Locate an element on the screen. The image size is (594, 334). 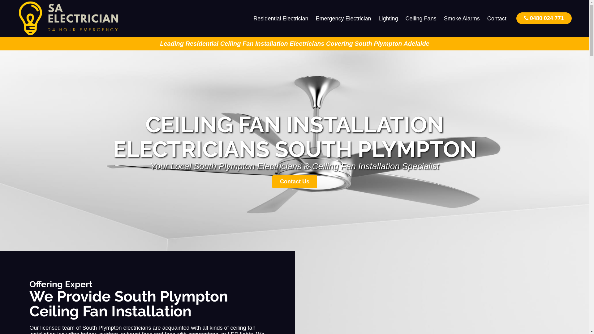
'Lighting' is located at coordinates (388, 18).